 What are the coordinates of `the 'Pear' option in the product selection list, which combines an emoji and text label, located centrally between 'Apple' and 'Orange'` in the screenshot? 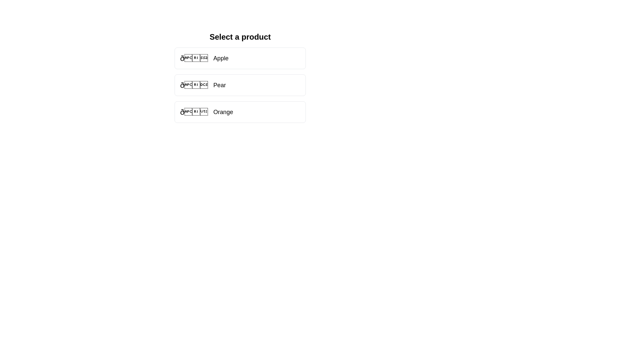 It's located at (202, 85).